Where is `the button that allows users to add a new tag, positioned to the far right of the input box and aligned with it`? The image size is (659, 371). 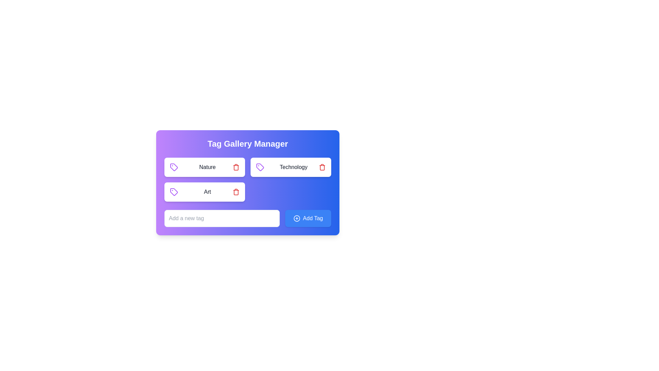 the button that allows users to add a new tag, positioned to the far right of the input box and aligned with it is located at coordinates (308, 218).